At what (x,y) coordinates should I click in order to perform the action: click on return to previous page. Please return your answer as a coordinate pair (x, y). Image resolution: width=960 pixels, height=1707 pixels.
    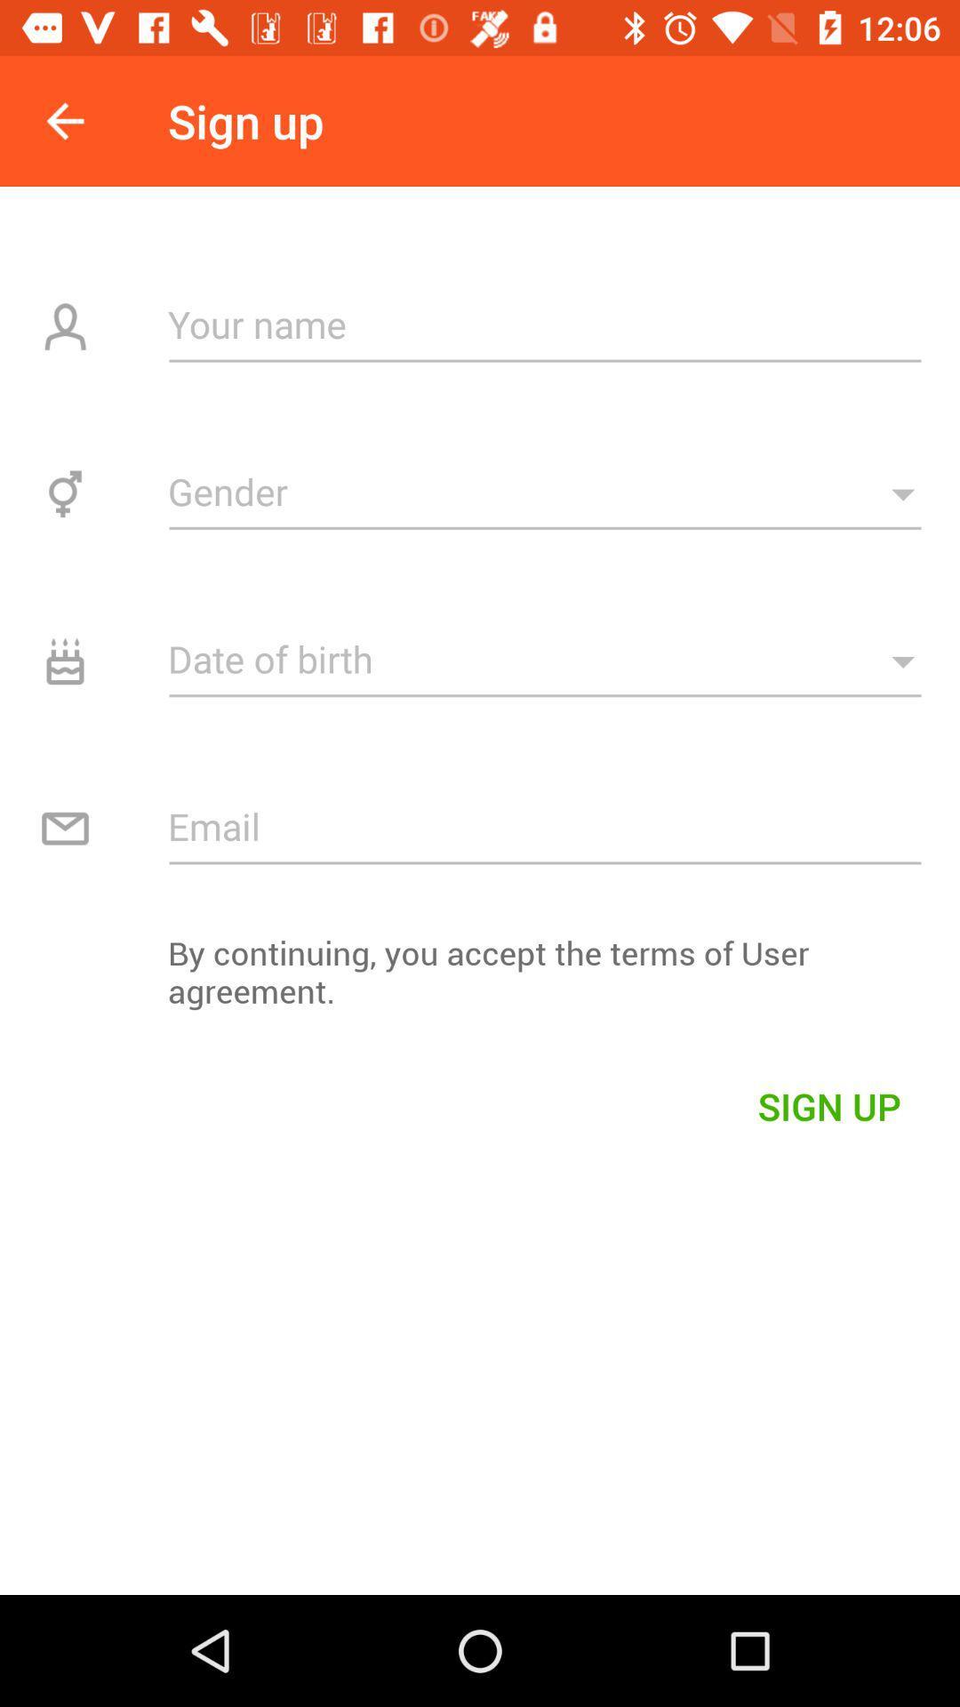
    Looking at the image, I should click on (64, 120).